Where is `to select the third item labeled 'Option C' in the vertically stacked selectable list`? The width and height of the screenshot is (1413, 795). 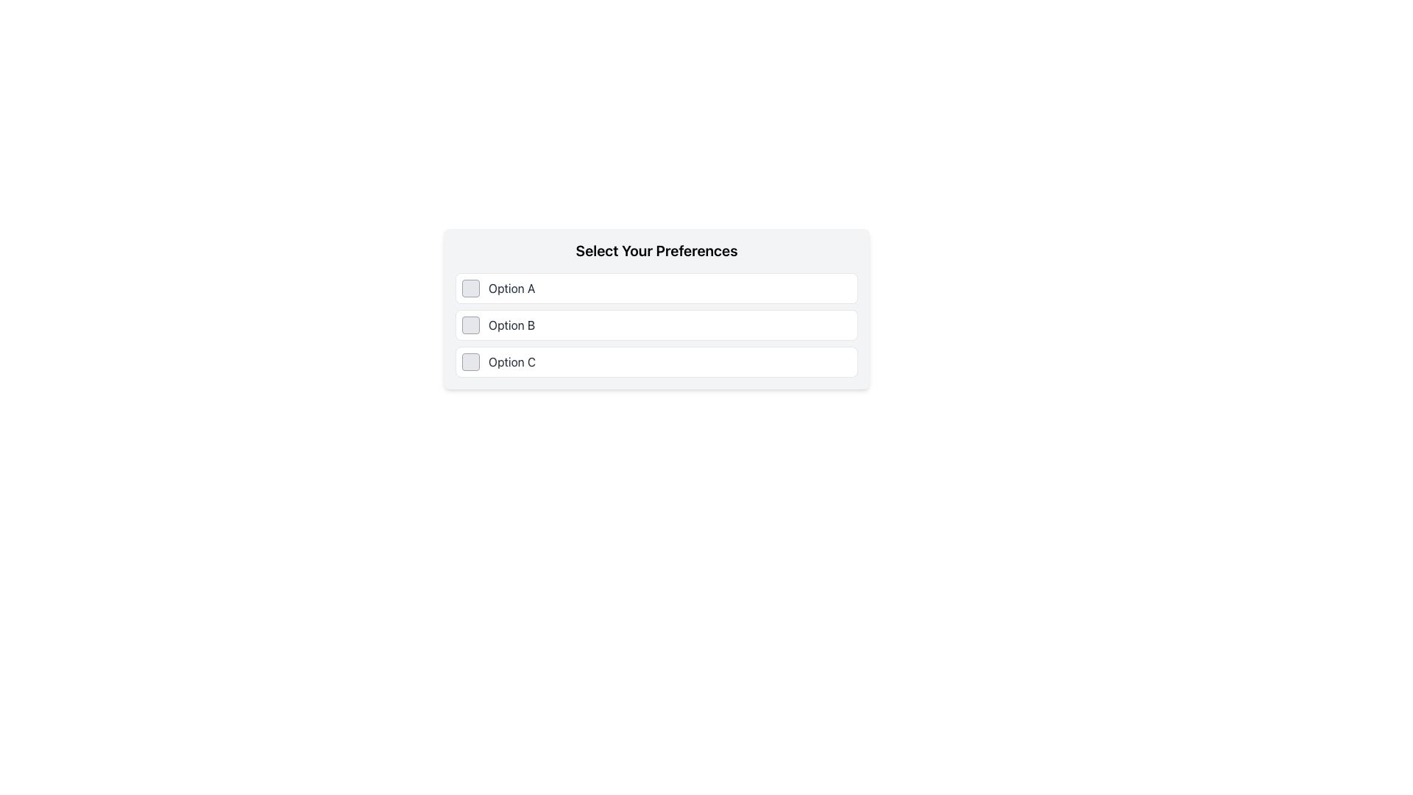
to select the third item labeled 'Option C' in the vertically stacked selectable list is located at coordinates (656, 362).